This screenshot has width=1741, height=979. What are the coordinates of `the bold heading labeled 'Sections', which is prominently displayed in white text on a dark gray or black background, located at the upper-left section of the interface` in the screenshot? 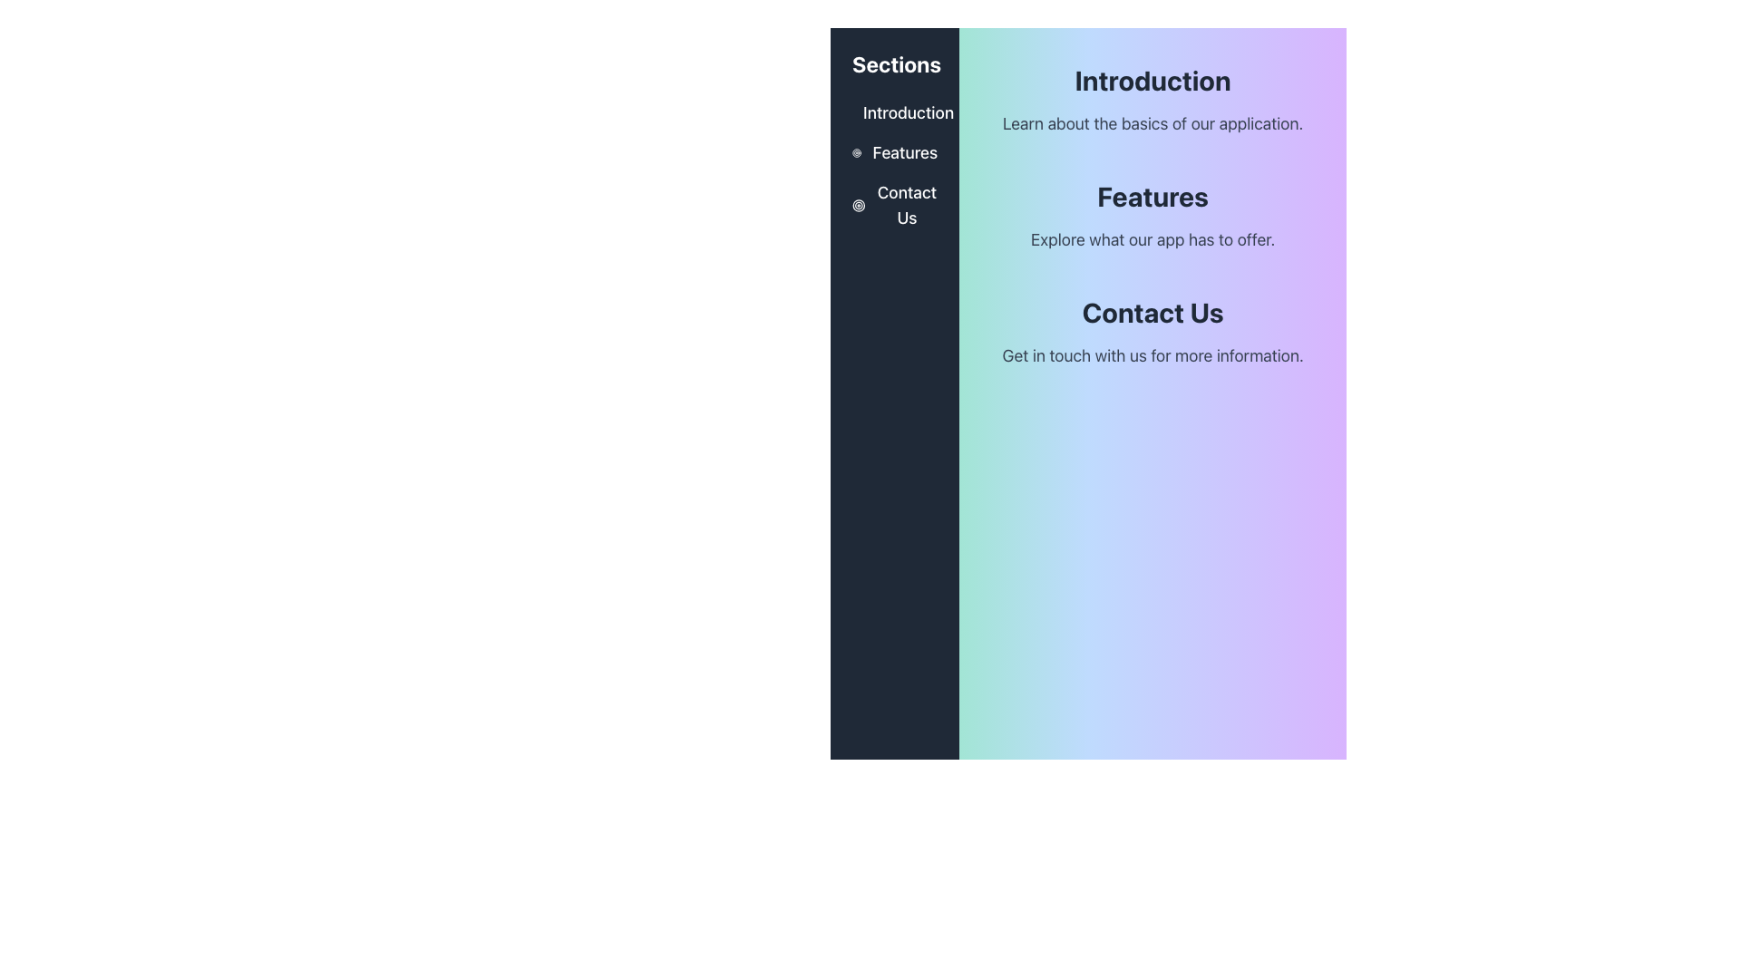 It's located at (895, 63).